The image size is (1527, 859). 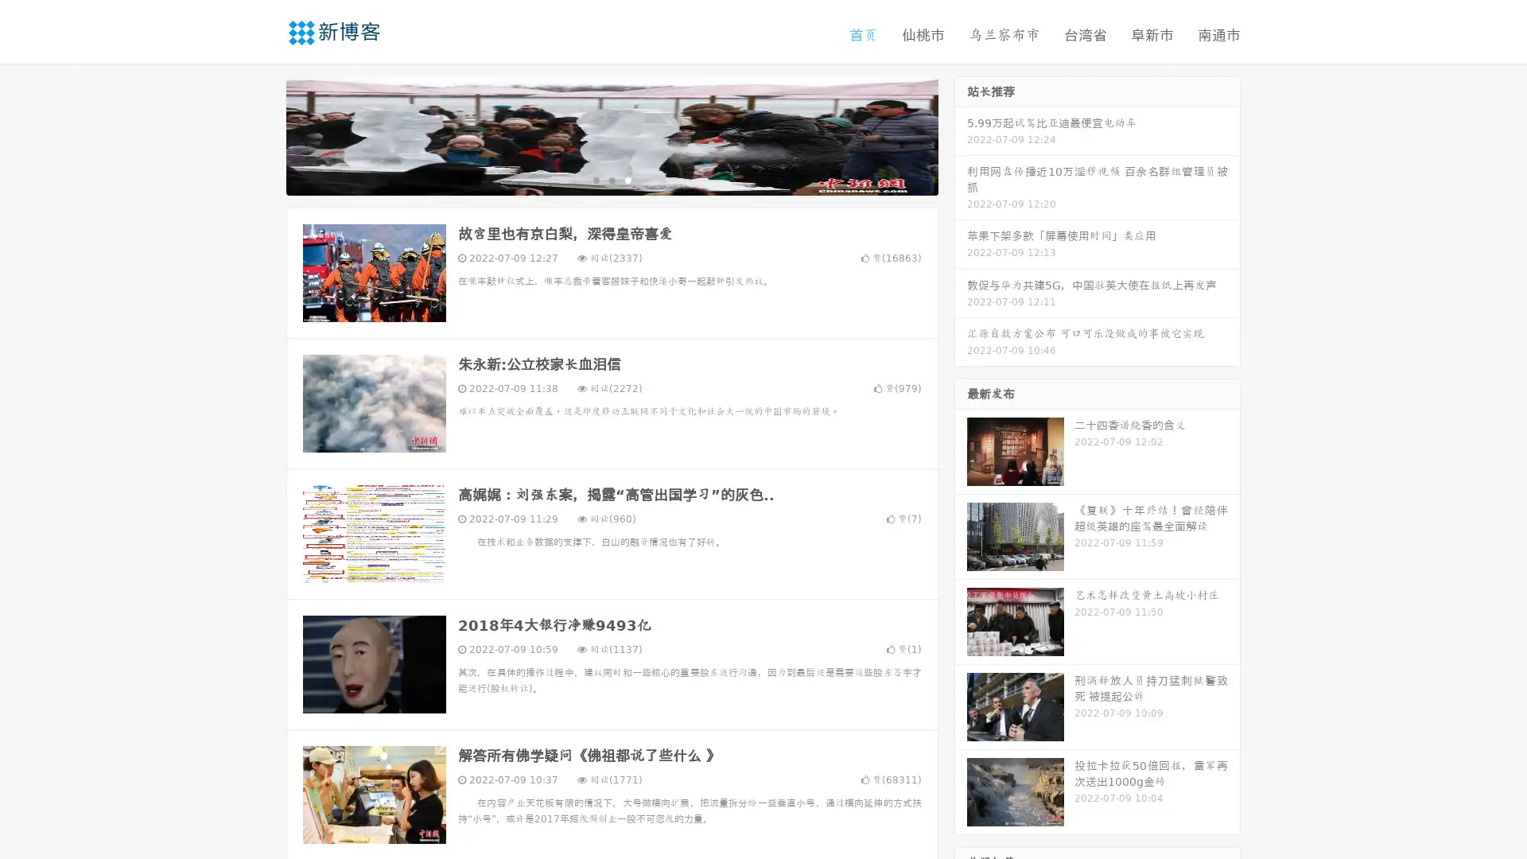 I want to click on Next slide, so click(x=961, y=134).